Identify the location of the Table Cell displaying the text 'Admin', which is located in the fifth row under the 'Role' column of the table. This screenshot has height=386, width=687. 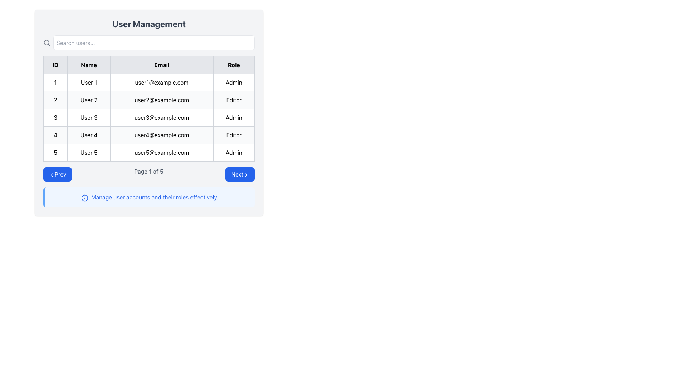
(234, 152).